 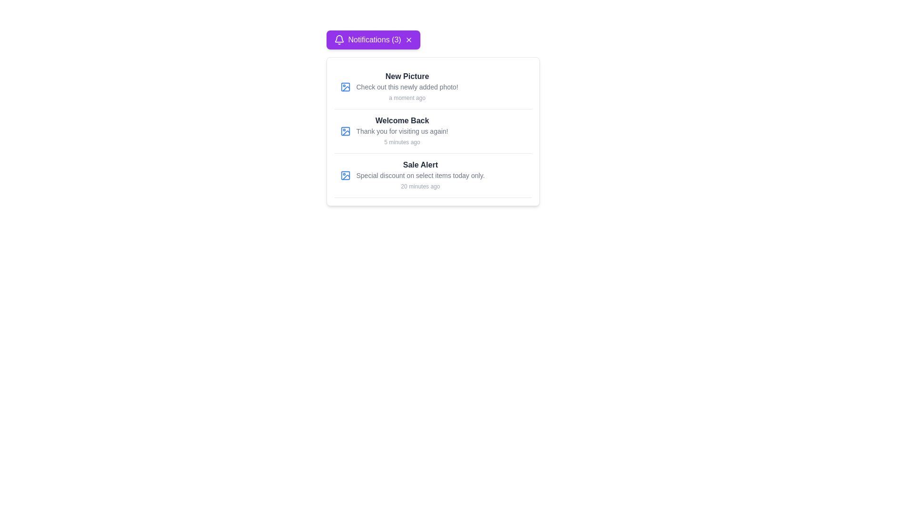 What do you see at coordinates (345, 131) in the screenshot?
I see `the notification icon representing an image or visual content, located to the left of the 'Welcome Back' text in the second item of a vertically stacked list in the notification panel` at bounding box center [345, 131].